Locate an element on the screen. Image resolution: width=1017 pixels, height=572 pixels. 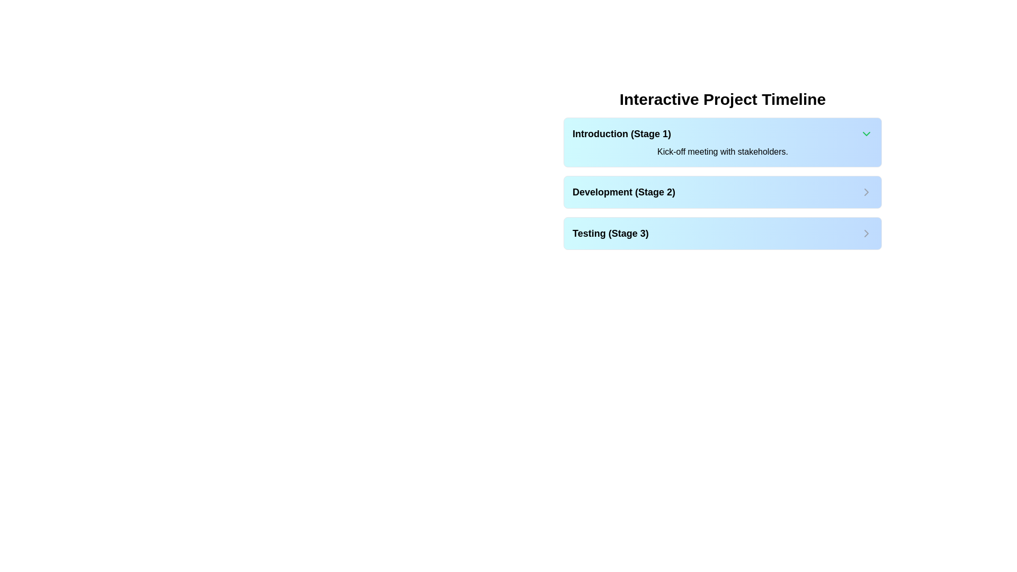
the bold text label reading 'Testing (Stage 3)' which is located within a light blue rounded rectangle, positioned in the third section of the project timeline is located at coordinates (610, 233).